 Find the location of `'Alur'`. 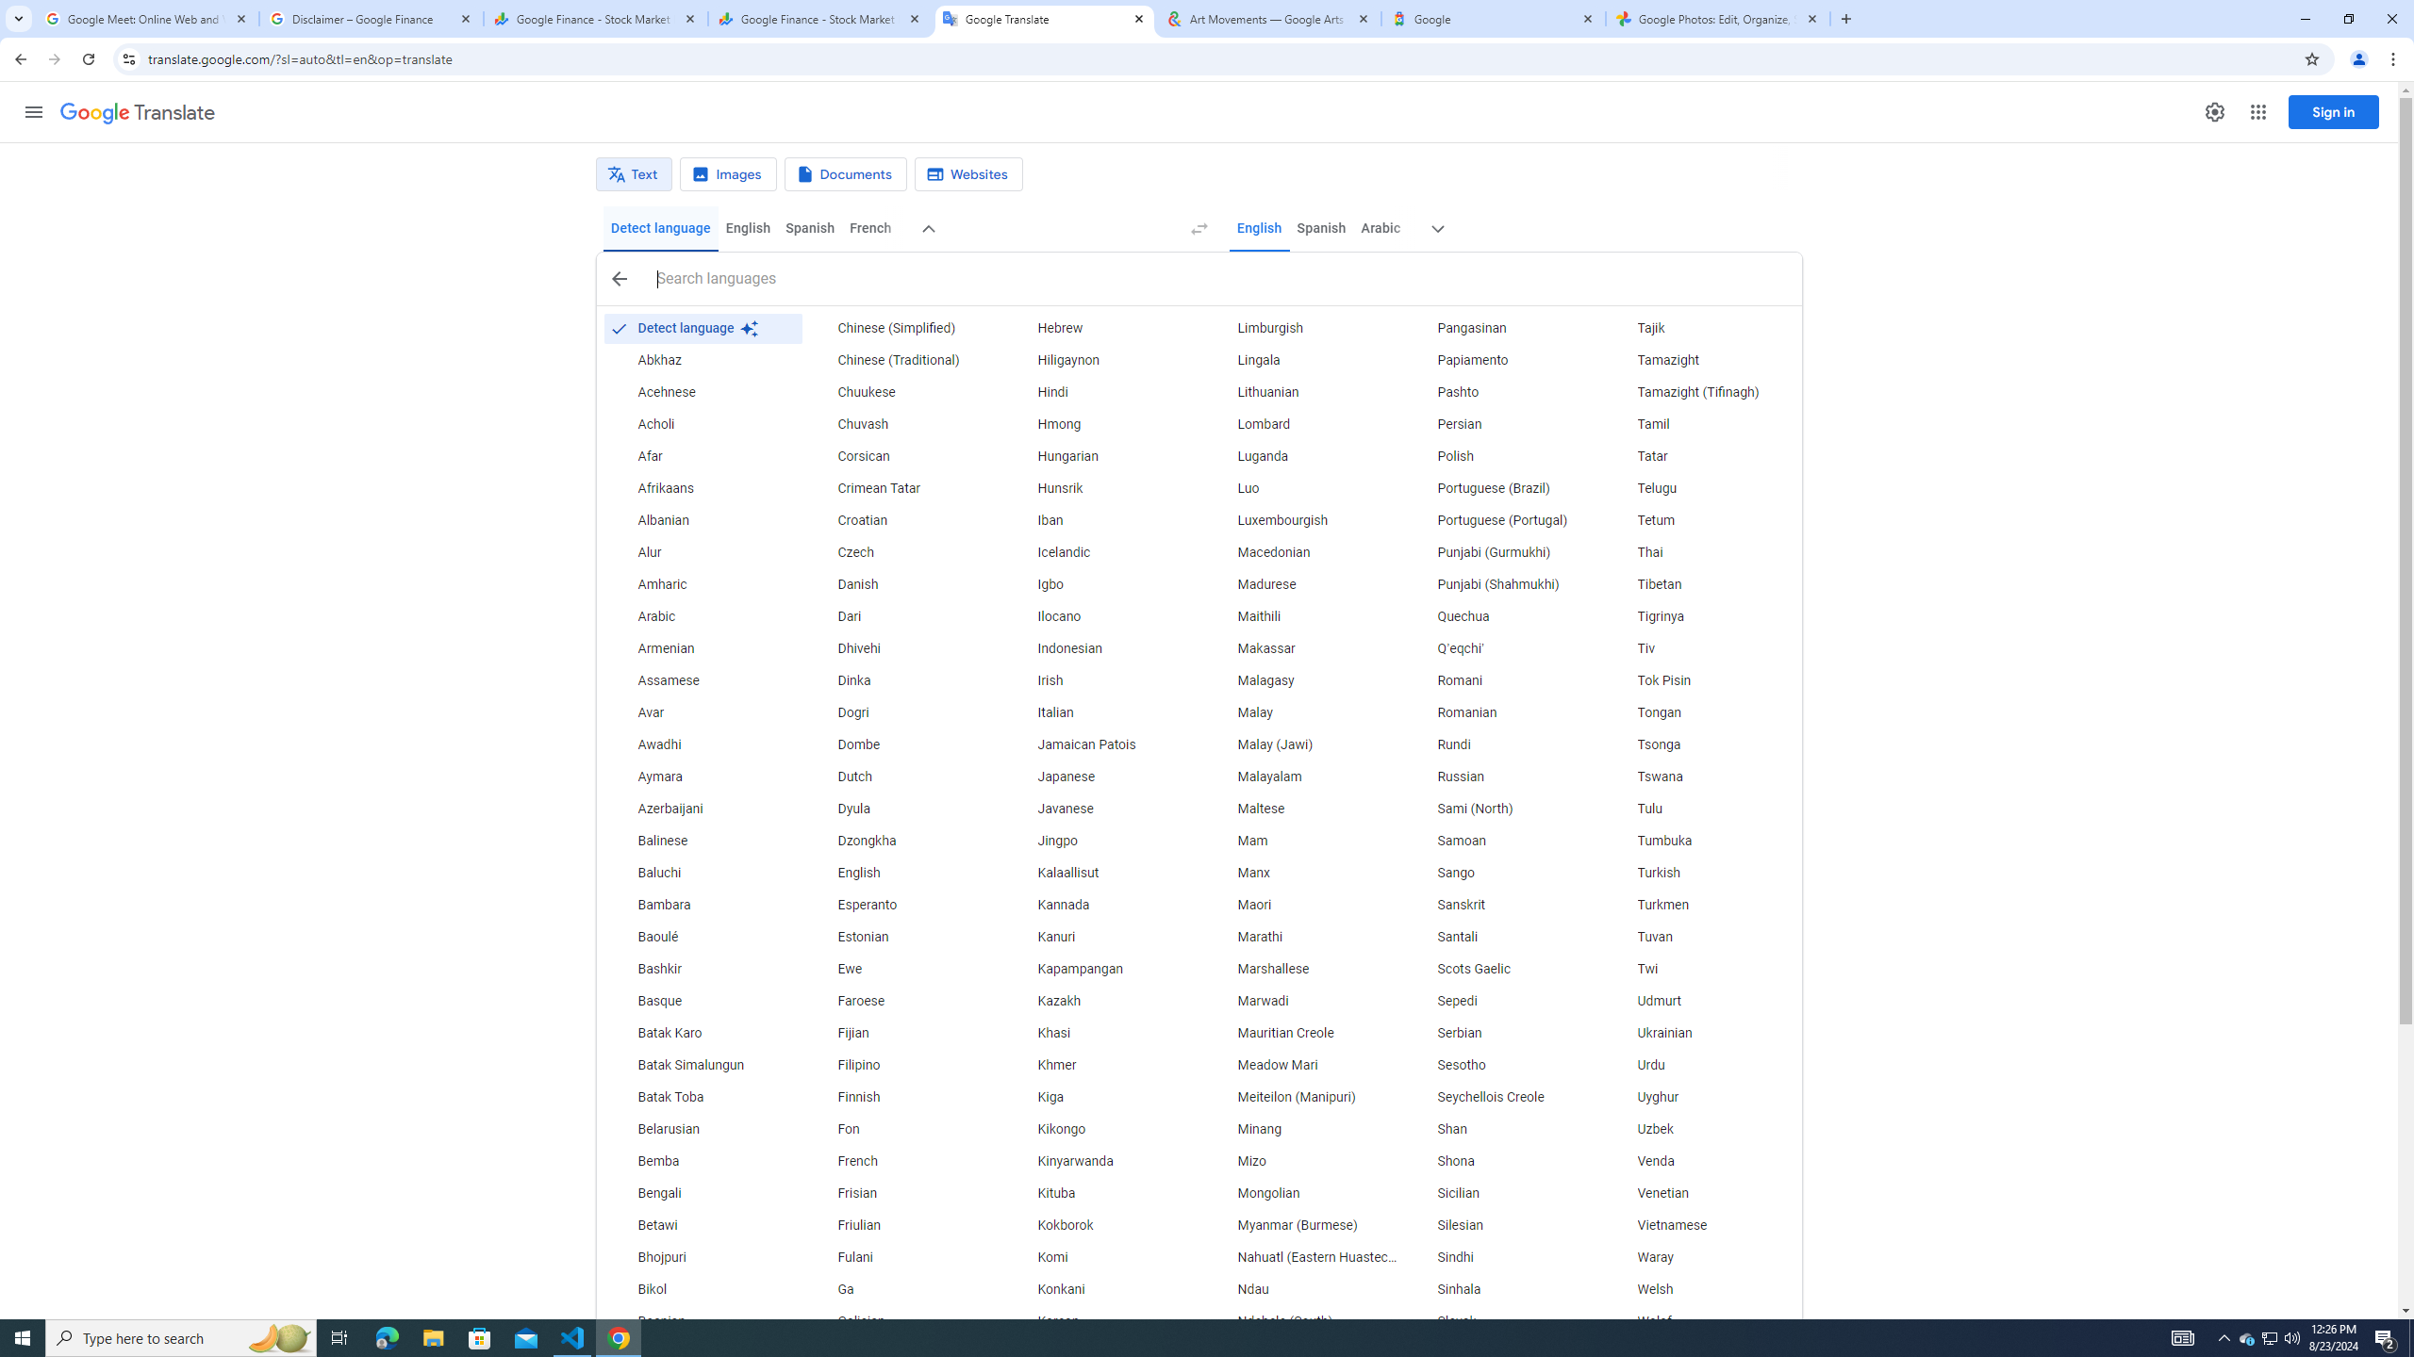

'Alur' is located at coordinates (701, 552).